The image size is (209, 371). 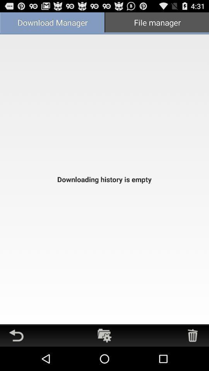 I want to click on the app to the right of the download manager icon, so click(x=157, y=23).